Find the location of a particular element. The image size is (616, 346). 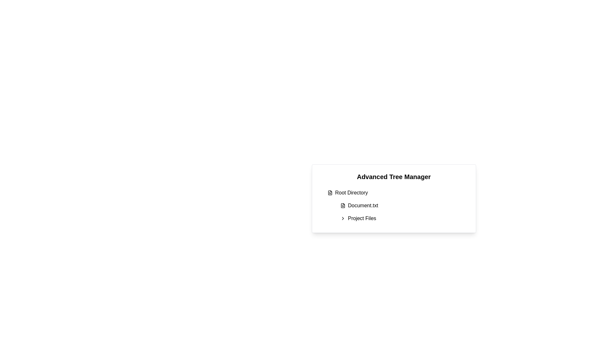

the 'Project Files' text label within the tree structure to trigger the tooltip or highlight effect is located at coordinates (362, 218).